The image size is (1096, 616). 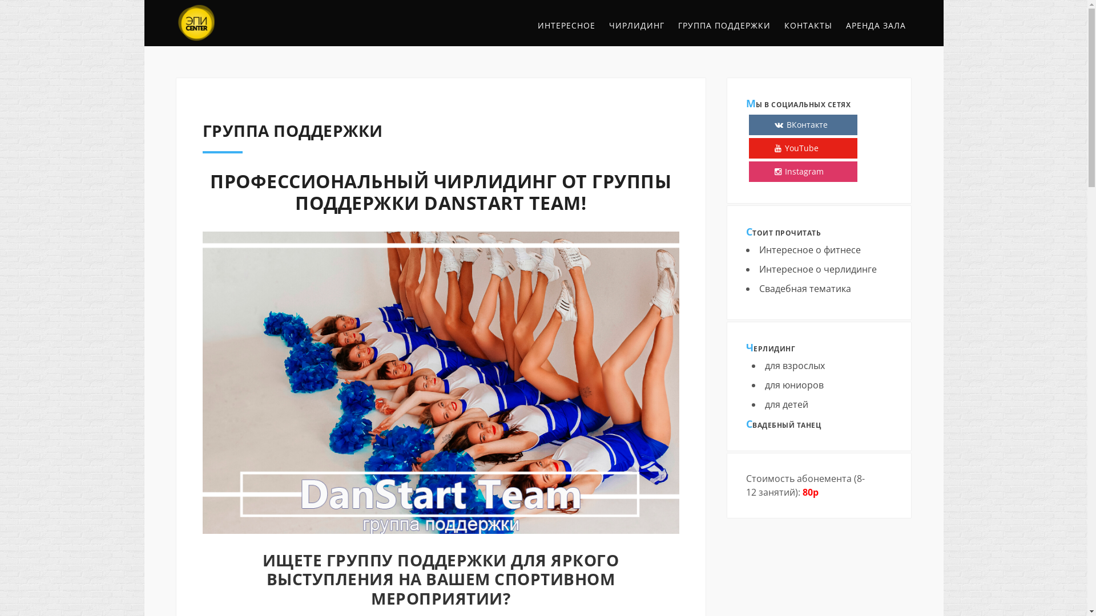 I want to click on 'YouTube', so click(x=802, y=147).